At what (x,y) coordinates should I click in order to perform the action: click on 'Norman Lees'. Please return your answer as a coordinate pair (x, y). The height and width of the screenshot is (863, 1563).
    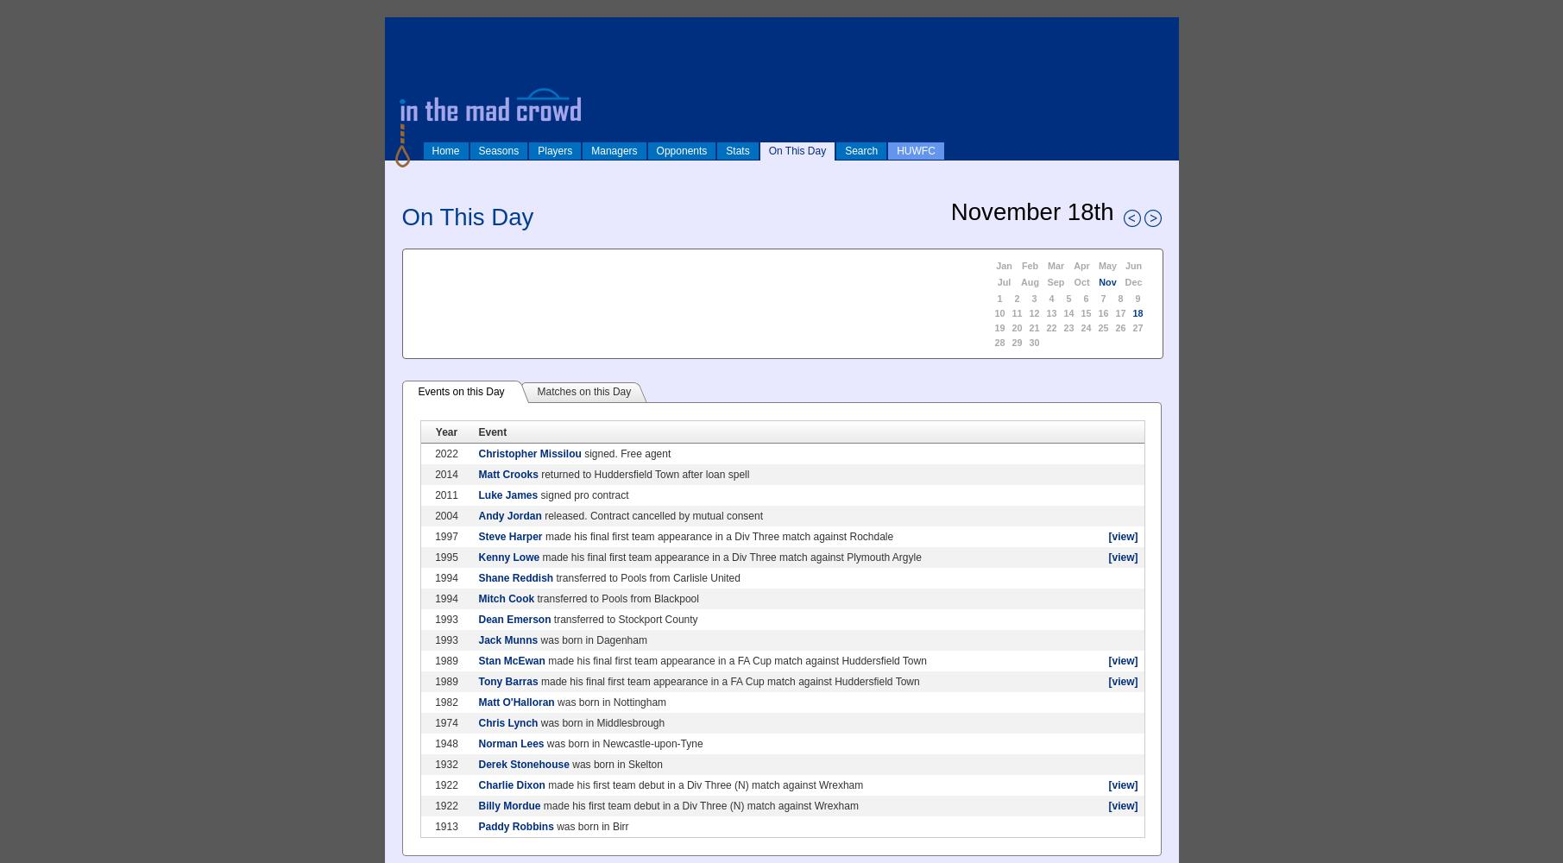
    Looking at the image, I should click on (510, 743).